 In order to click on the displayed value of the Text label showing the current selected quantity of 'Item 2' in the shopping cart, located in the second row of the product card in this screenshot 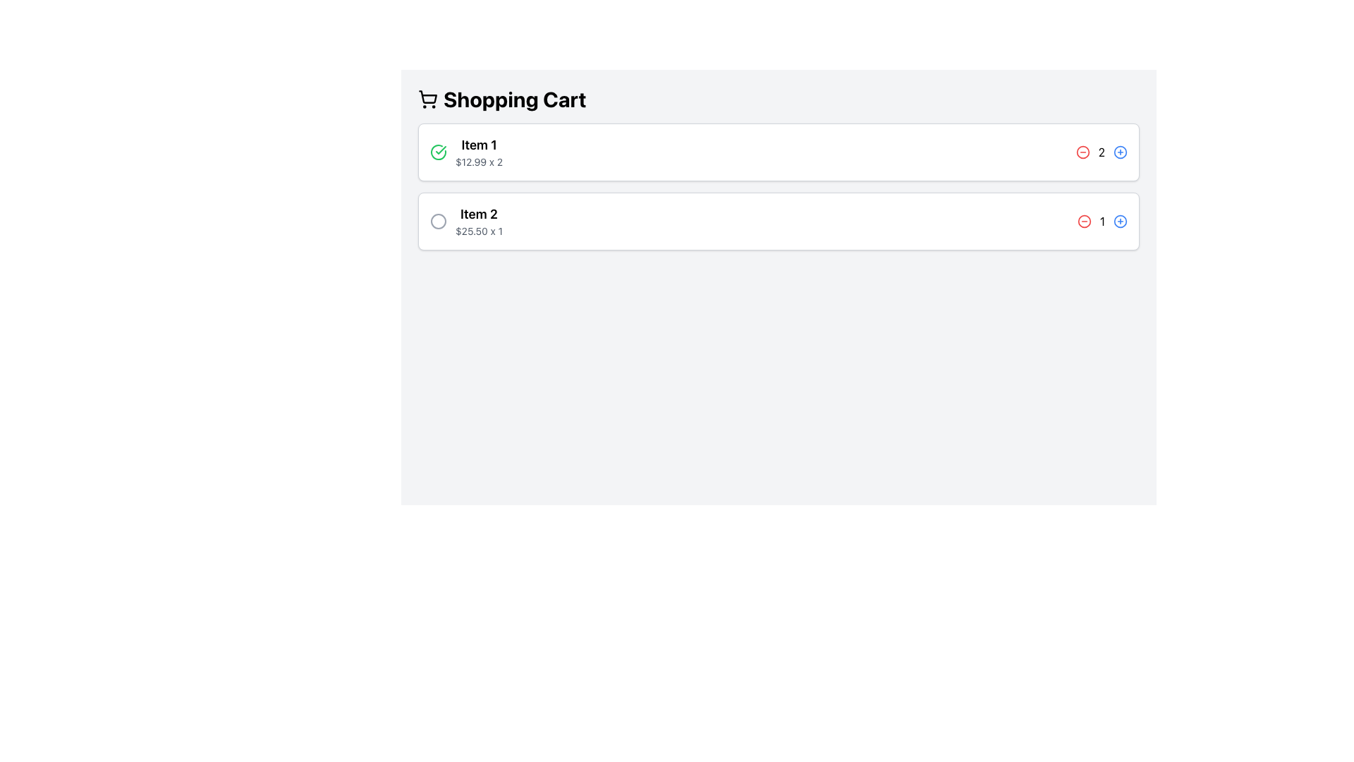, I will do `click(1102, 221)`.